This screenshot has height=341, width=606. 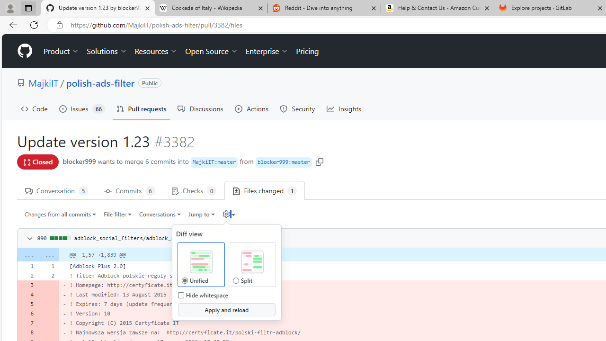 What do you see at coordinates (34, 108) in the screenshot?
I see `'Code'` at bounding box center [34, 108].